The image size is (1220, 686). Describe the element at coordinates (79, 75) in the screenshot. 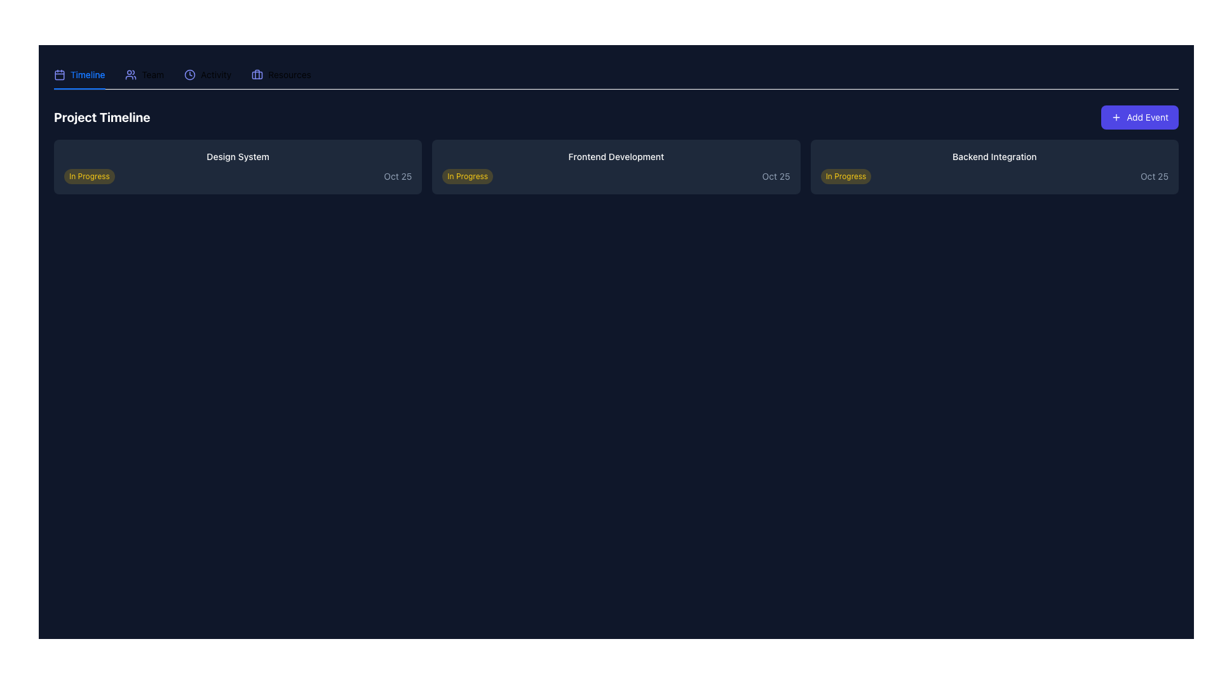

I see `the 'Timeline' tab component located in the top left section of the interface` at that location.